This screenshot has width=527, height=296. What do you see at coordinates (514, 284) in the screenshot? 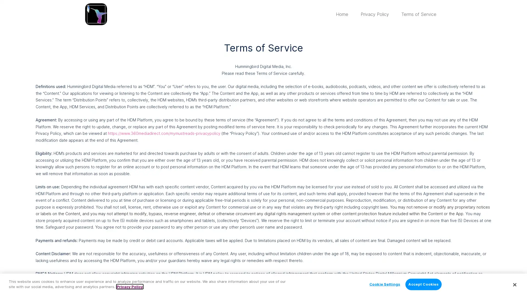
I see `Close` at bounding box center [514, 284].